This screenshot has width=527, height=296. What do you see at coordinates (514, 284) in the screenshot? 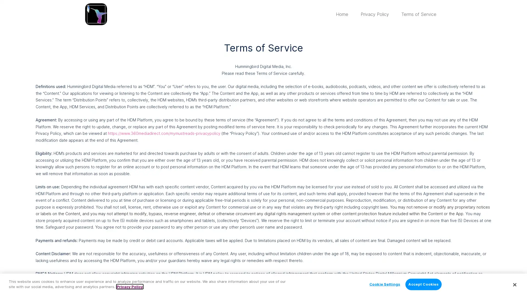
I see `Close` at bounding box center [514, 284].